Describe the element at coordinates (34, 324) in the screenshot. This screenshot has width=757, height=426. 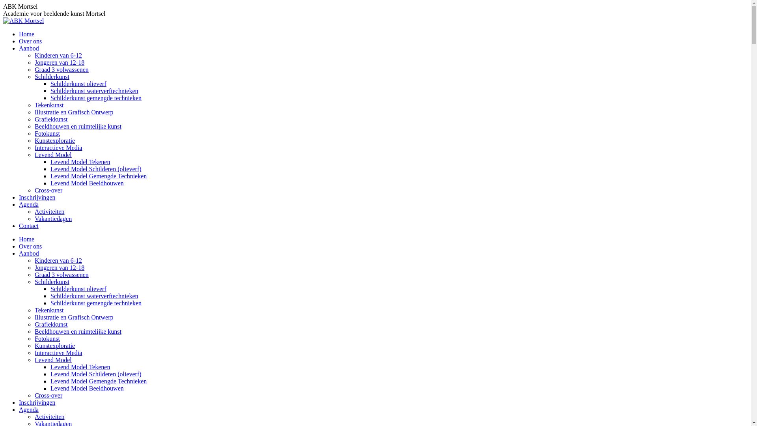
I see `'Grafiekkunst'` at that location.